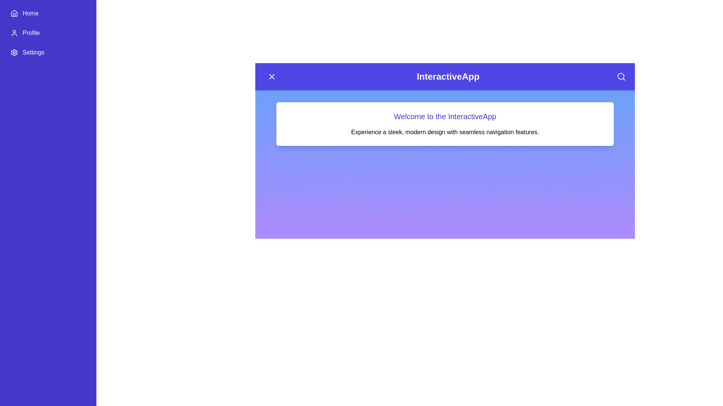 The image size is (723, 406). What do you see at coordinates (621, 77) in the screenshot?
I see `the search icon in the header` at bounding box center [621, 77].